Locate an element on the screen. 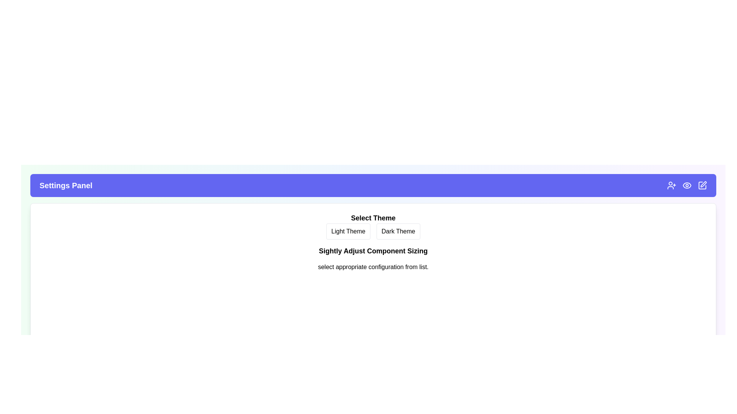 This screenshot has height=414, width=737. the visibility toggle icon is located at coordinates (687, 185).